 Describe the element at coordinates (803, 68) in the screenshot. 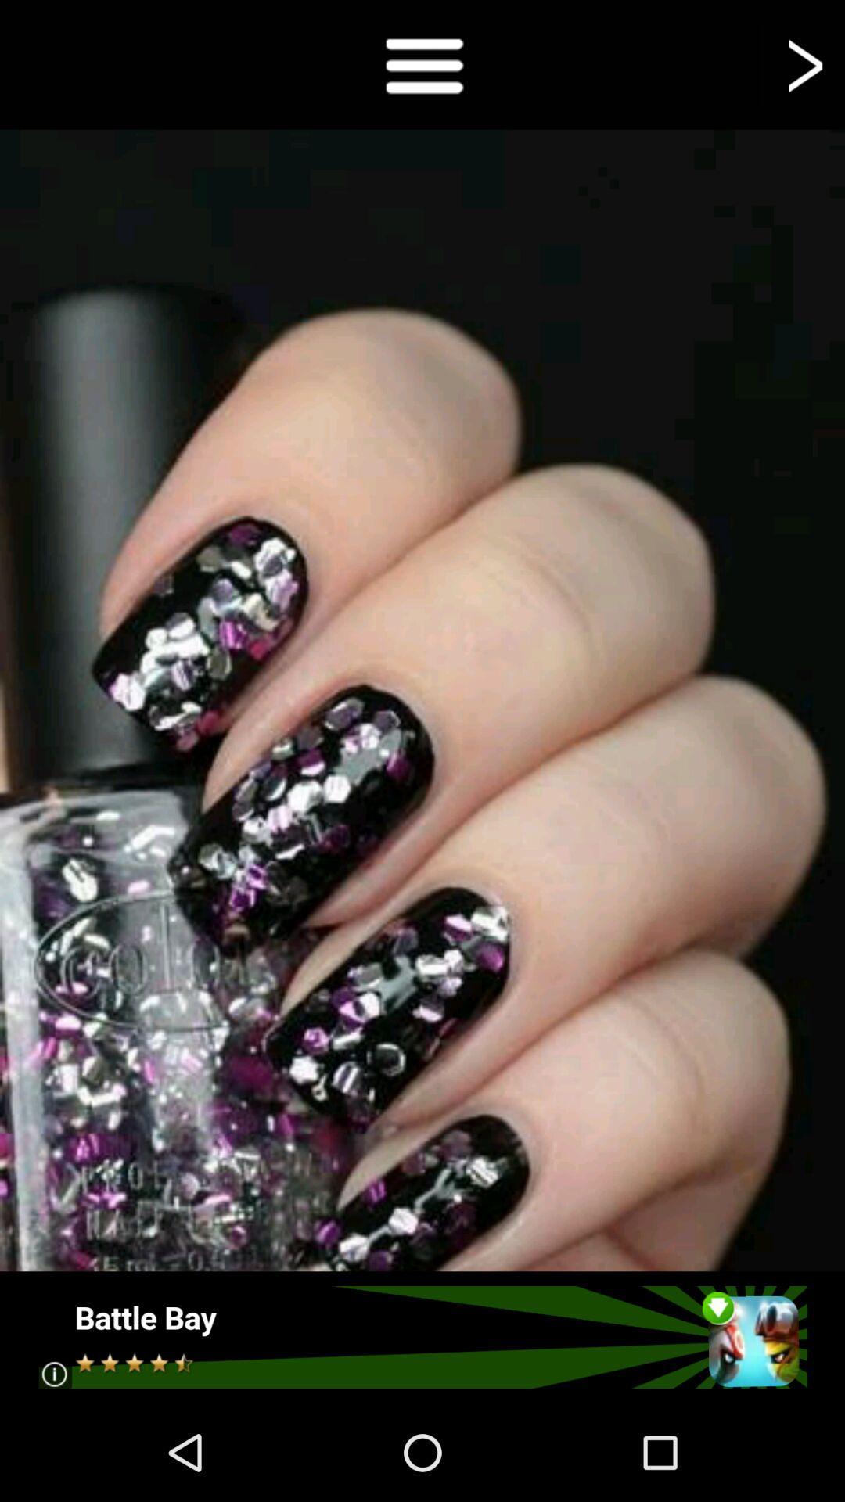

I see `the arrow_forward icon` at that location.